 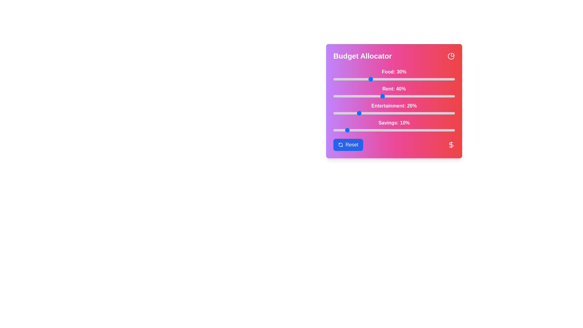 What do you see at coordinates (394, 79) in the screenshot?
I see `the horizontal slider located below the label 'Food: 30%' in the budget allocation interface` at bounding box center [394, 79].